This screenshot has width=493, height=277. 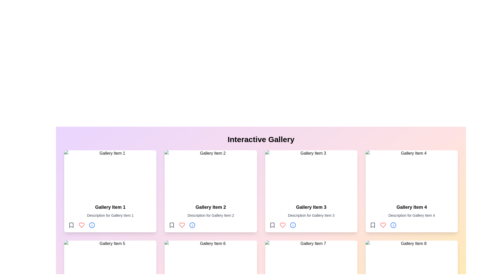 What do you see at coordinates (282, 225) in the screenshot?
I see `the 'like' button located centrally beneath the description text of the third item in the gallery to mark it as liked or favored` at bounding box center [282, 225].